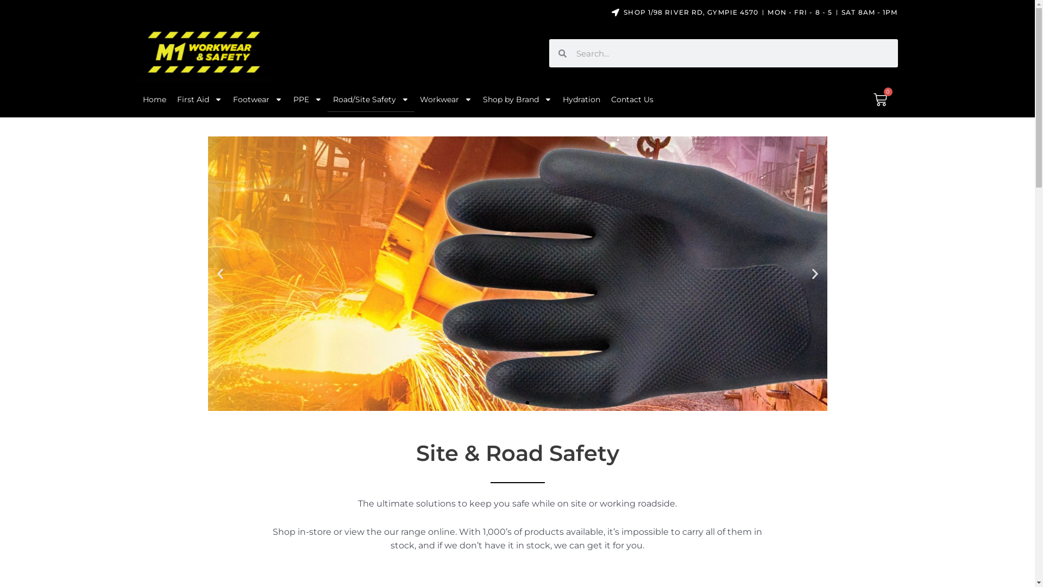 This screenshot has width=1043, height=587. I want to click on '0, so click(880, 99).